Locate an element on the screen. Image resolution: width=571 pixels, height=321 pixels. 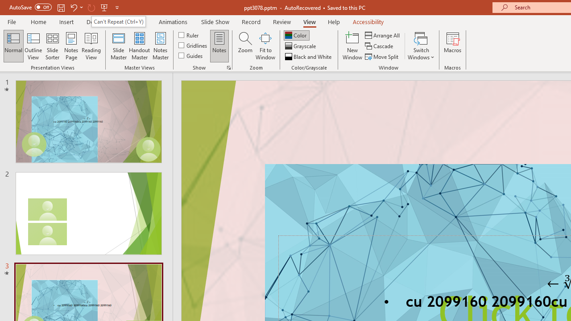
'Gridlines' is located at coordinates (193, 45).